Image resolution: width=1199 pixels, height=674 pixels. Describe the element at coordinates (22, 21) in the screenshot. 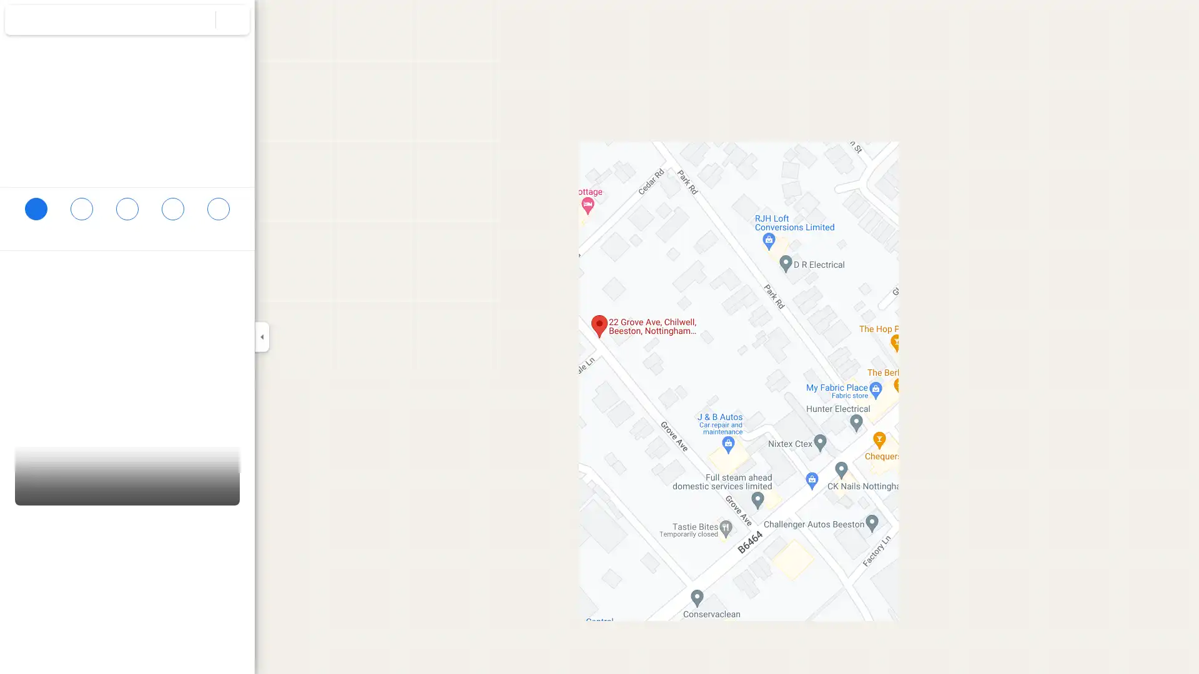

I see `Menu` at that location.